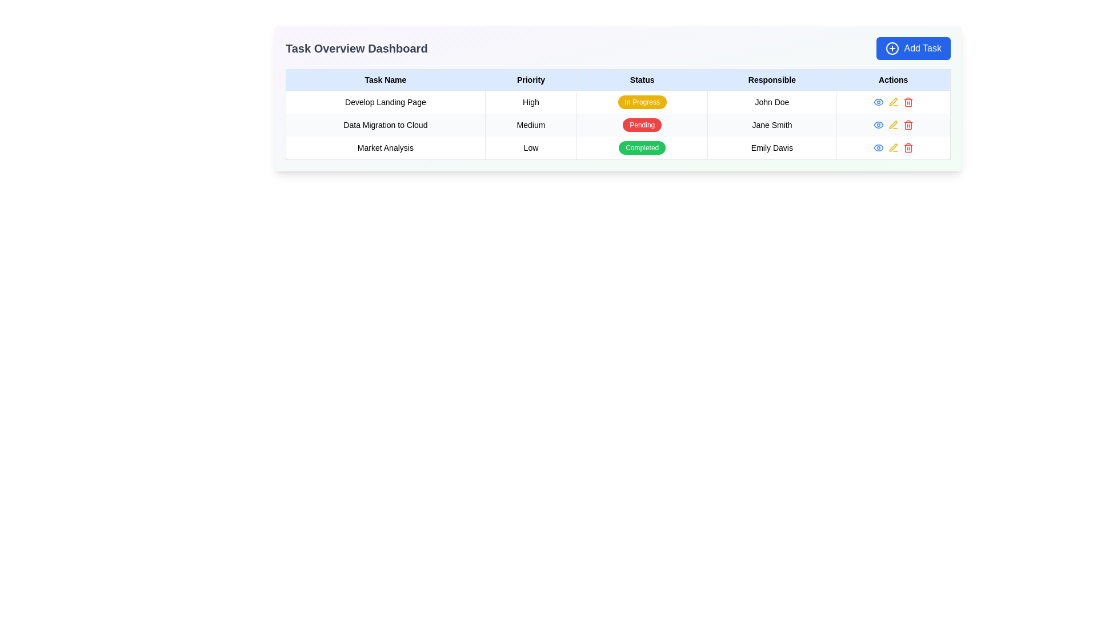 The image size is (1097, 617). What do you see at coordinates (385, 101) in the screenshot?
I see `the static text element that displays the task name in the first row of the task overview table` at bounding box center [385, 101].